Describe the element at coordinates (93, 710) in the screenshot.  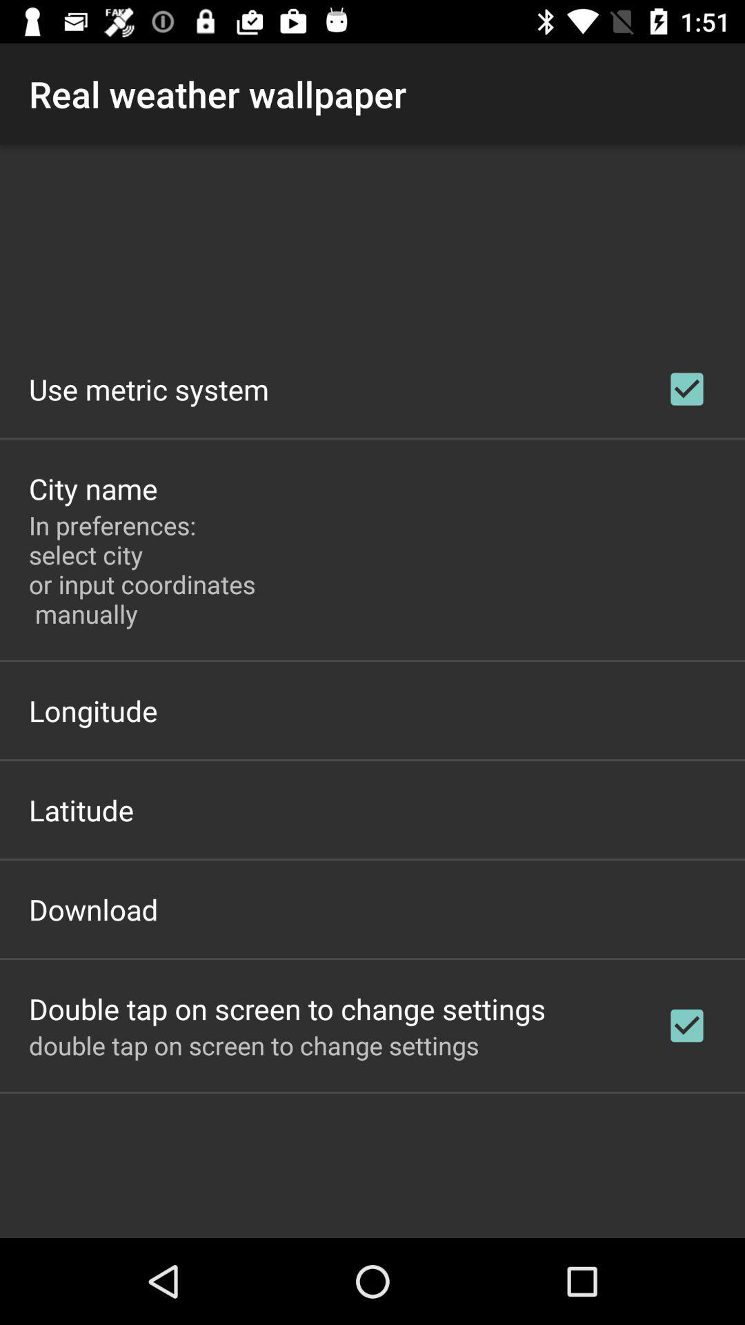
I see `the app above latitude` at that location.